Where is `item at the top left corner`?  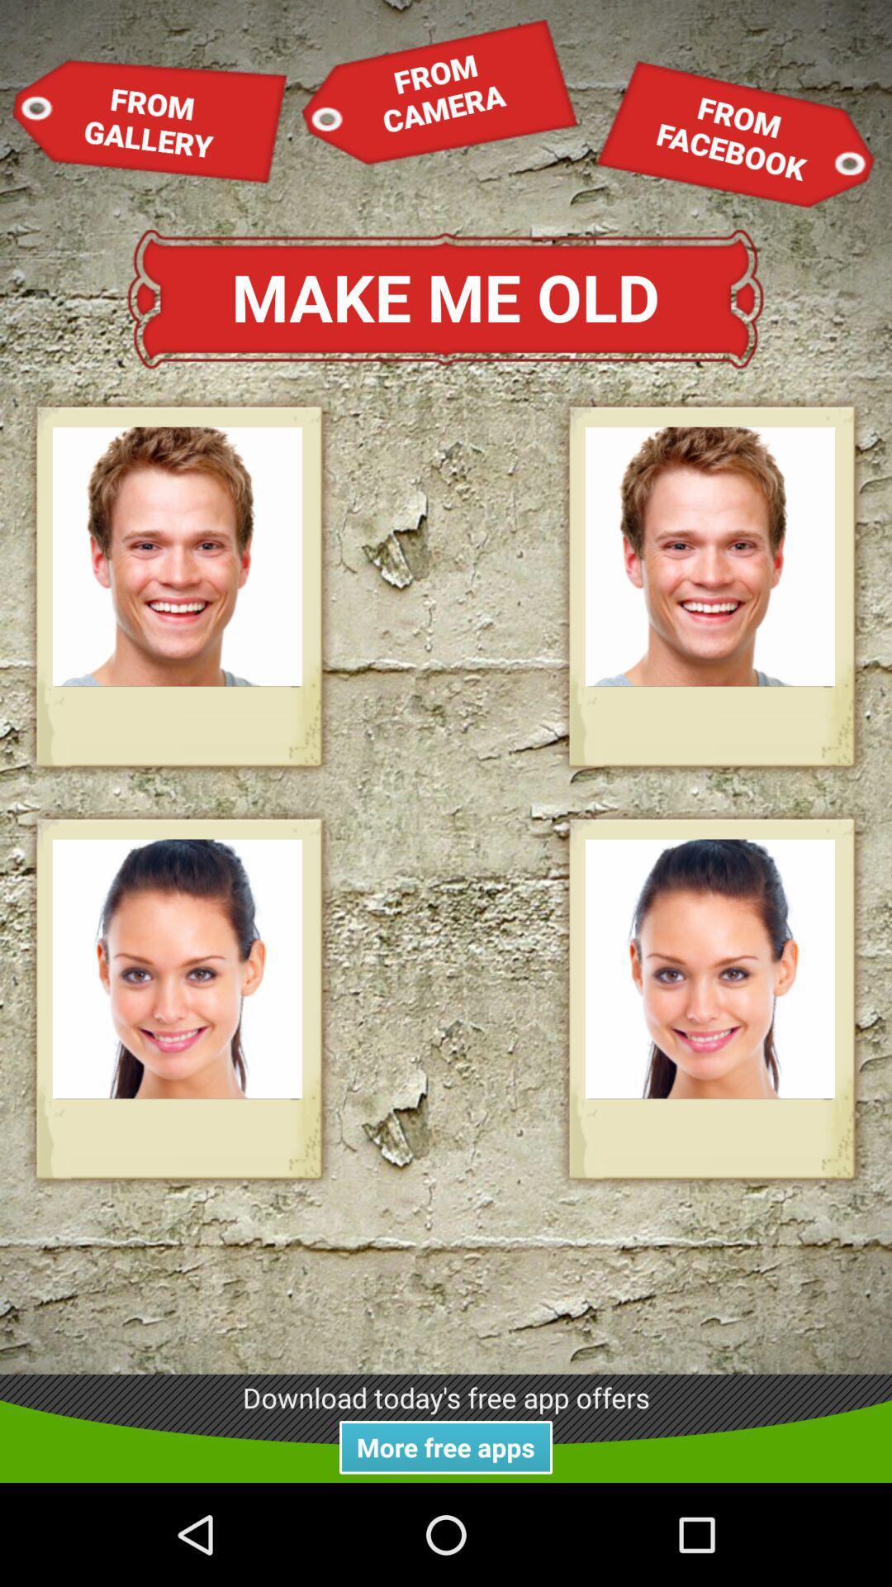 item at the top left corner is located at coordinates (150, 120).